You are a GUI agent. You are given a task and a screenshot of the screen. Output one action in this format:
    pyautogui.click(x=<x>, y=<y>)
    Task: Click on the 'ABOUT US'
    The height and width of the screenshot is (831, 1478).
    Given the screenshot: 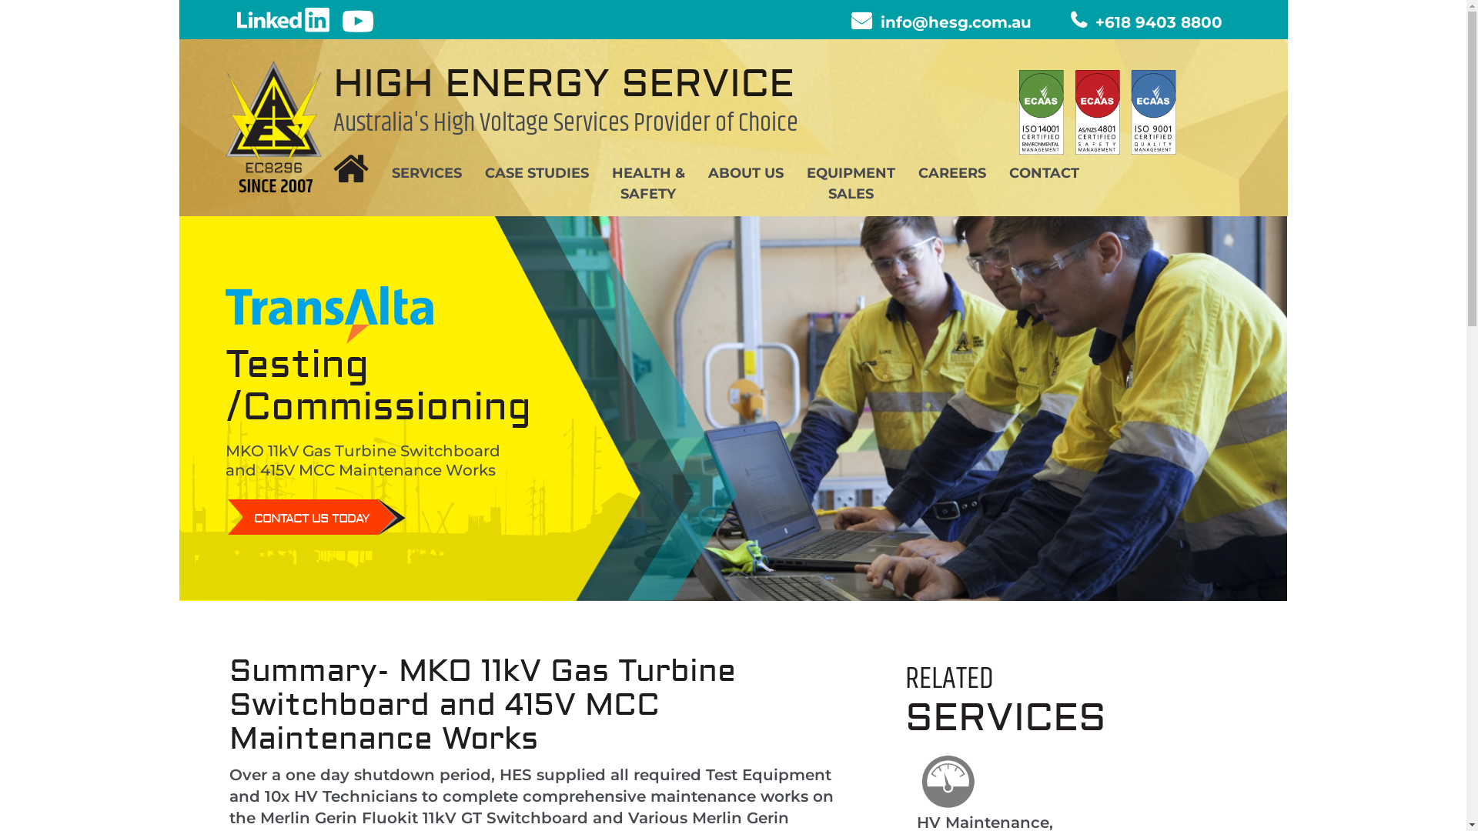 What is the action you would take?
    pyautogui.click(x=707, y=173)
    